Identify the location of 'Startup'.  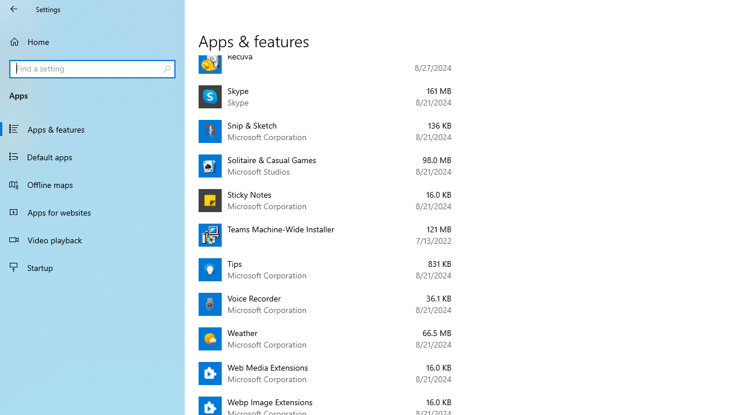
(92, 267).